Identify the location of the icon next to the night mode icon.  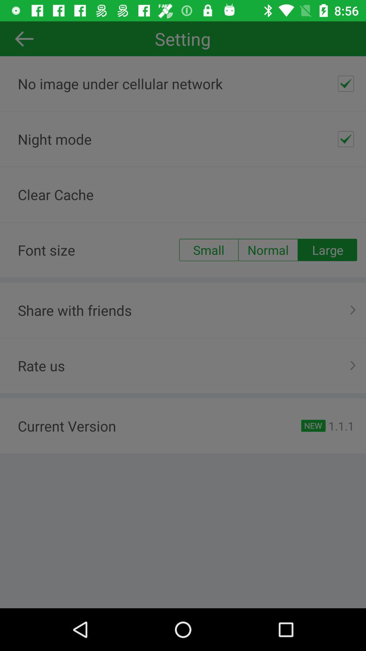
(346, 139).